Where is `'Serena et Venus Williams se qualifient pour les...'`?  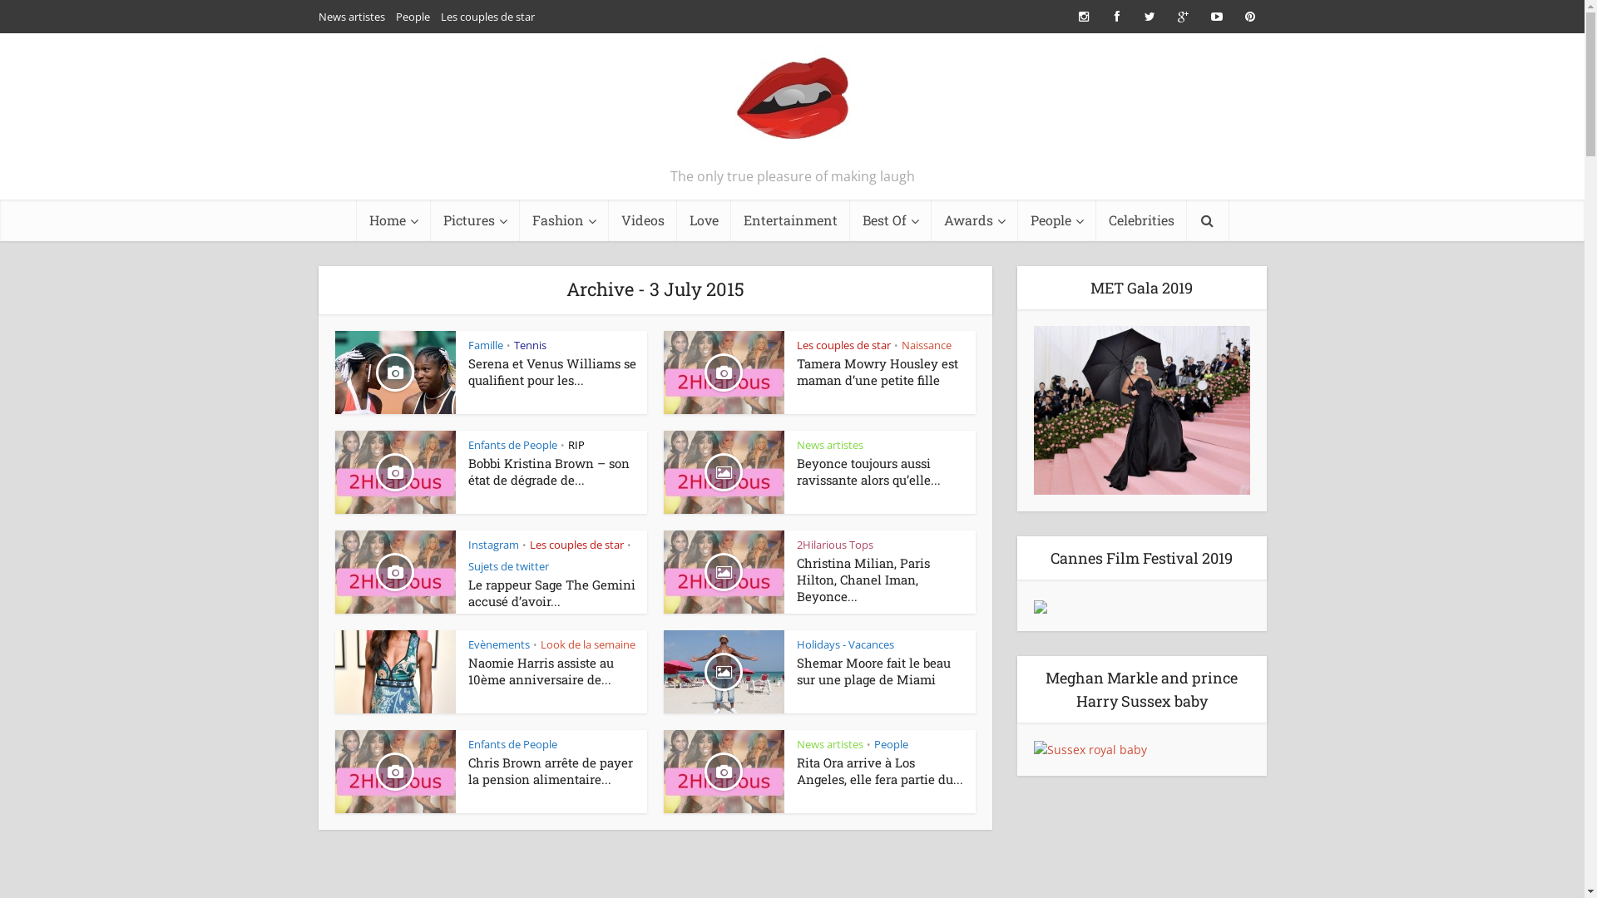
'Serena et Venus Williams se qualifient pour les...' is located at coordinates (551, 371).